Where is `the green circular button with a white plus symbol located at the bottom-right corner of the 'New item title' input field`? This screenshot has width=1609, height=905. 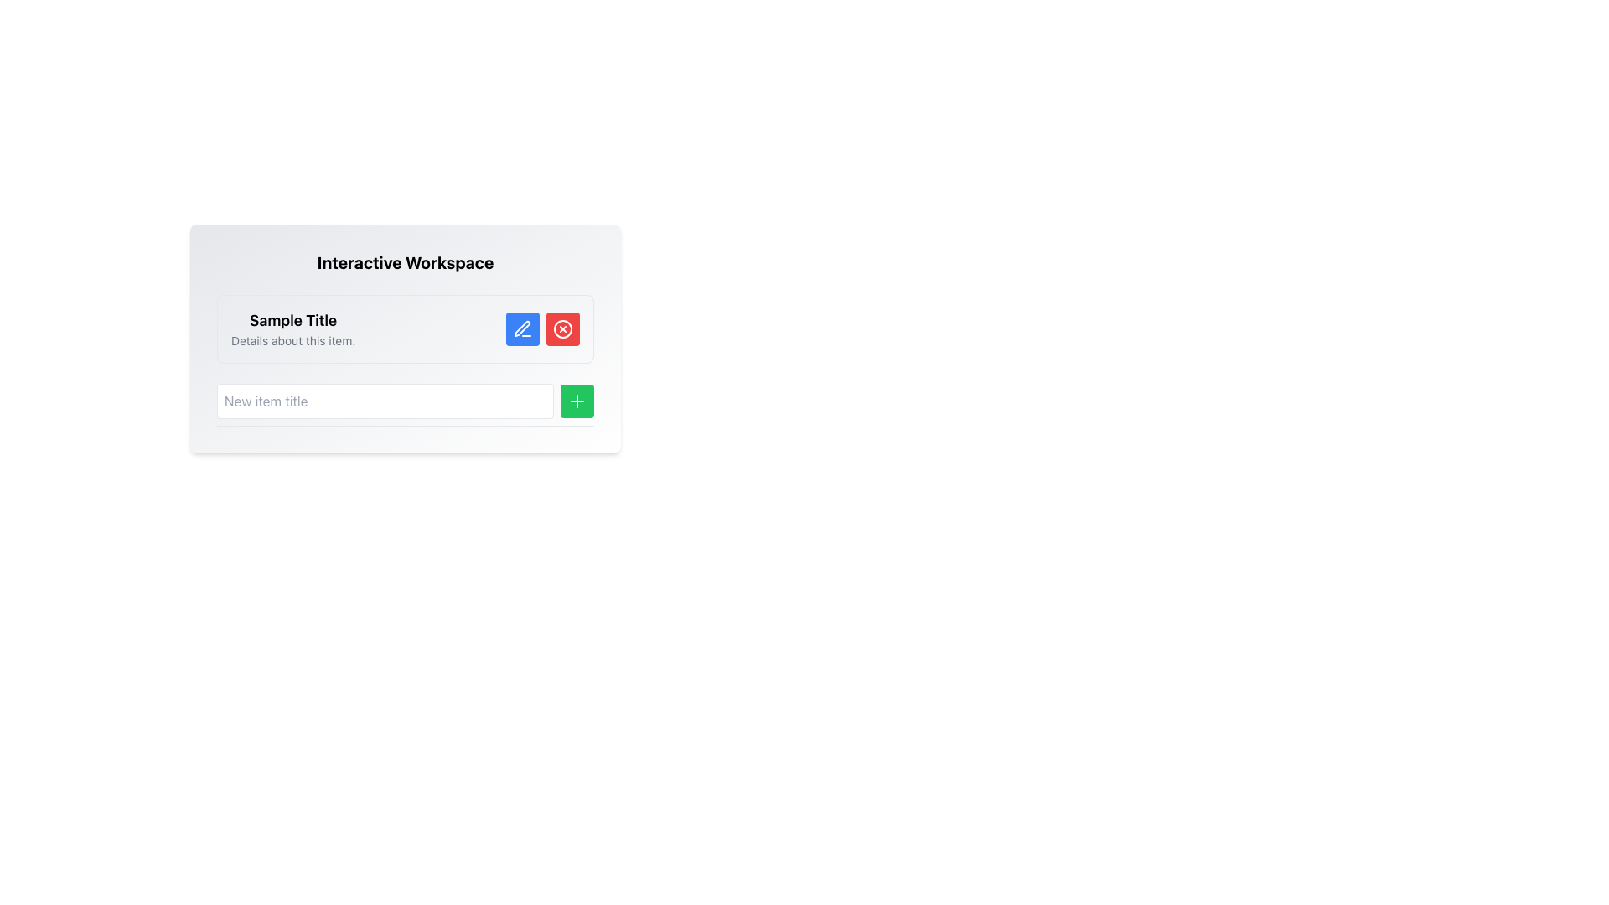 the green circular button with a white plus symbol located at the bottom-right corner of the 'New item title' input field is located at coordinates (577, 401).